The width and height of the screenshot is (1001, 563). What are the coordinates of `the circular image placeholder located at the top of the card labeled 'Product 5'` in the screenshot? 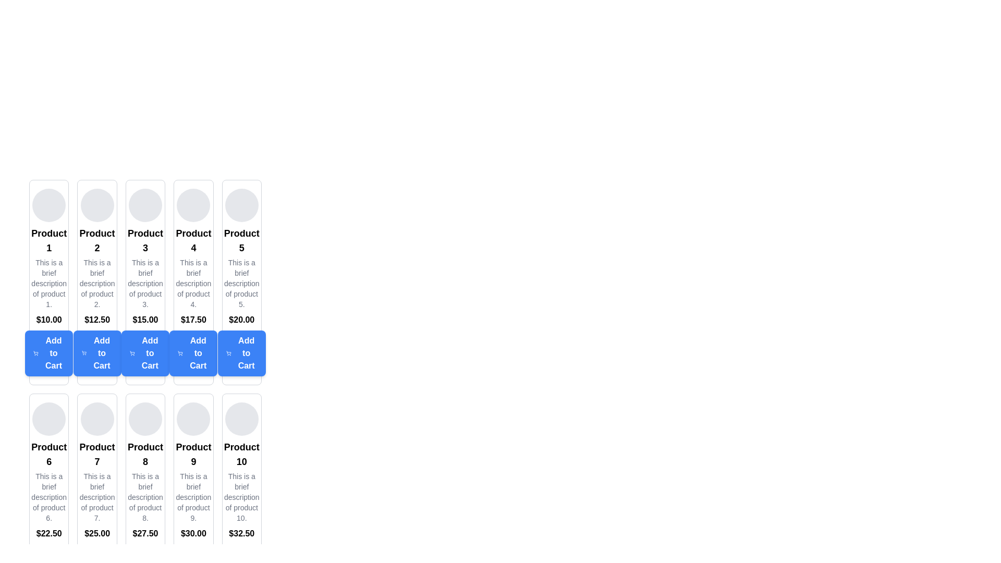 It's located at (241, 205).